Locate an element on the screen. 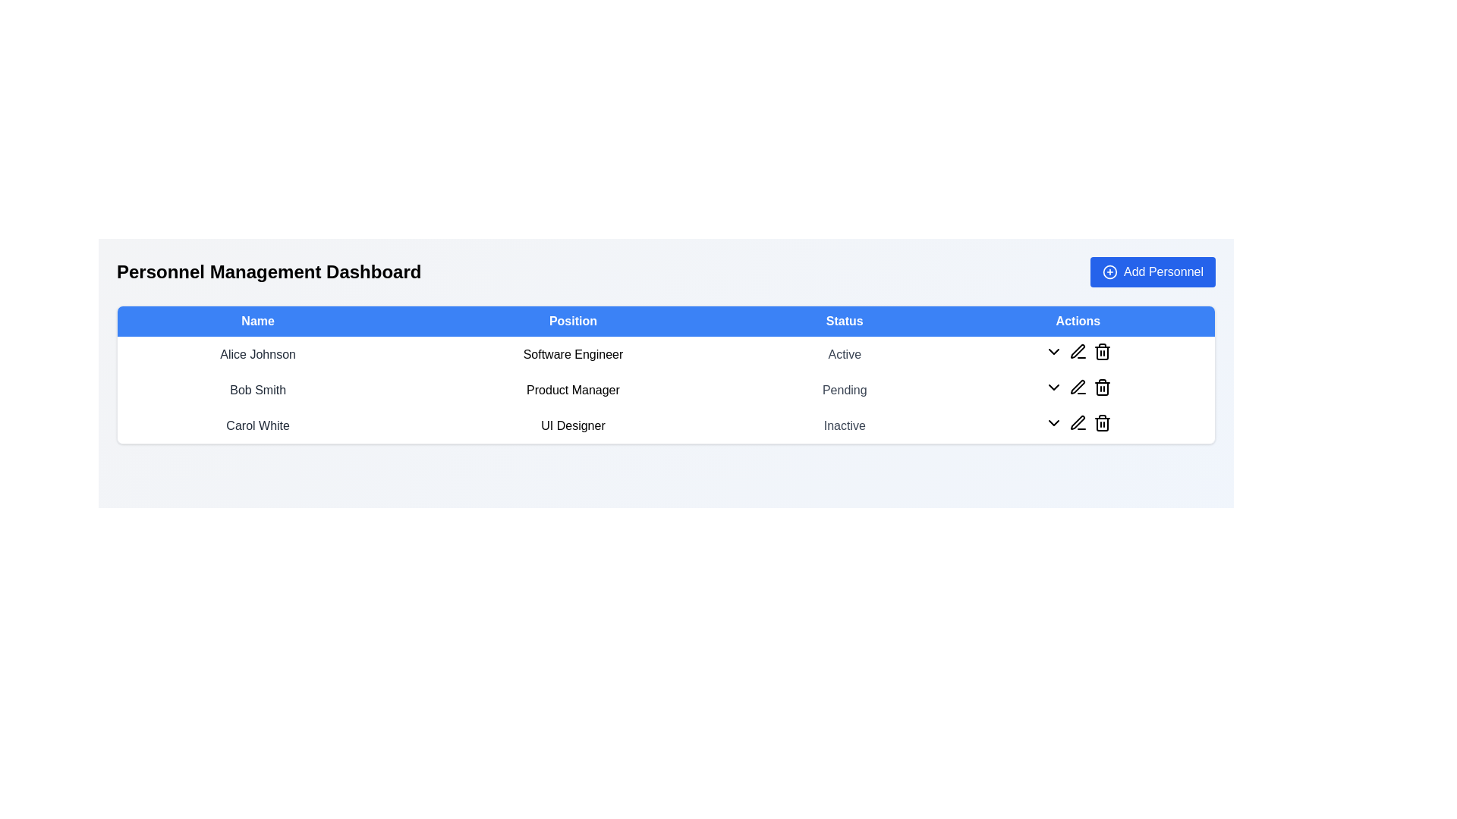 Image resolution: width=1457 pixels, height=819 pixels. the graphical icon resembling a pen in the SVG component located in the 'Actions' column of the last row associated with 'Carol White' is located at coordinates (1077, 422).